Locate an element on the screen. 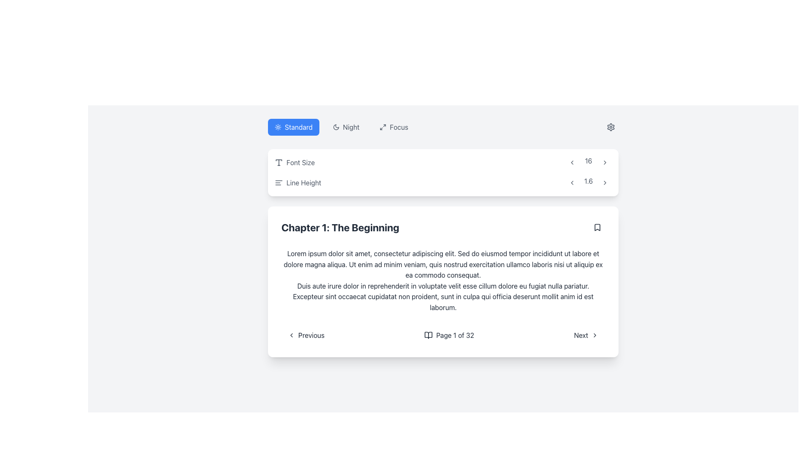  the 'Night' button, which features a crescent moon icon and is the second option in a horizontal layout between 'Standard' and 'Focus' is located at coordinates (346, 127).